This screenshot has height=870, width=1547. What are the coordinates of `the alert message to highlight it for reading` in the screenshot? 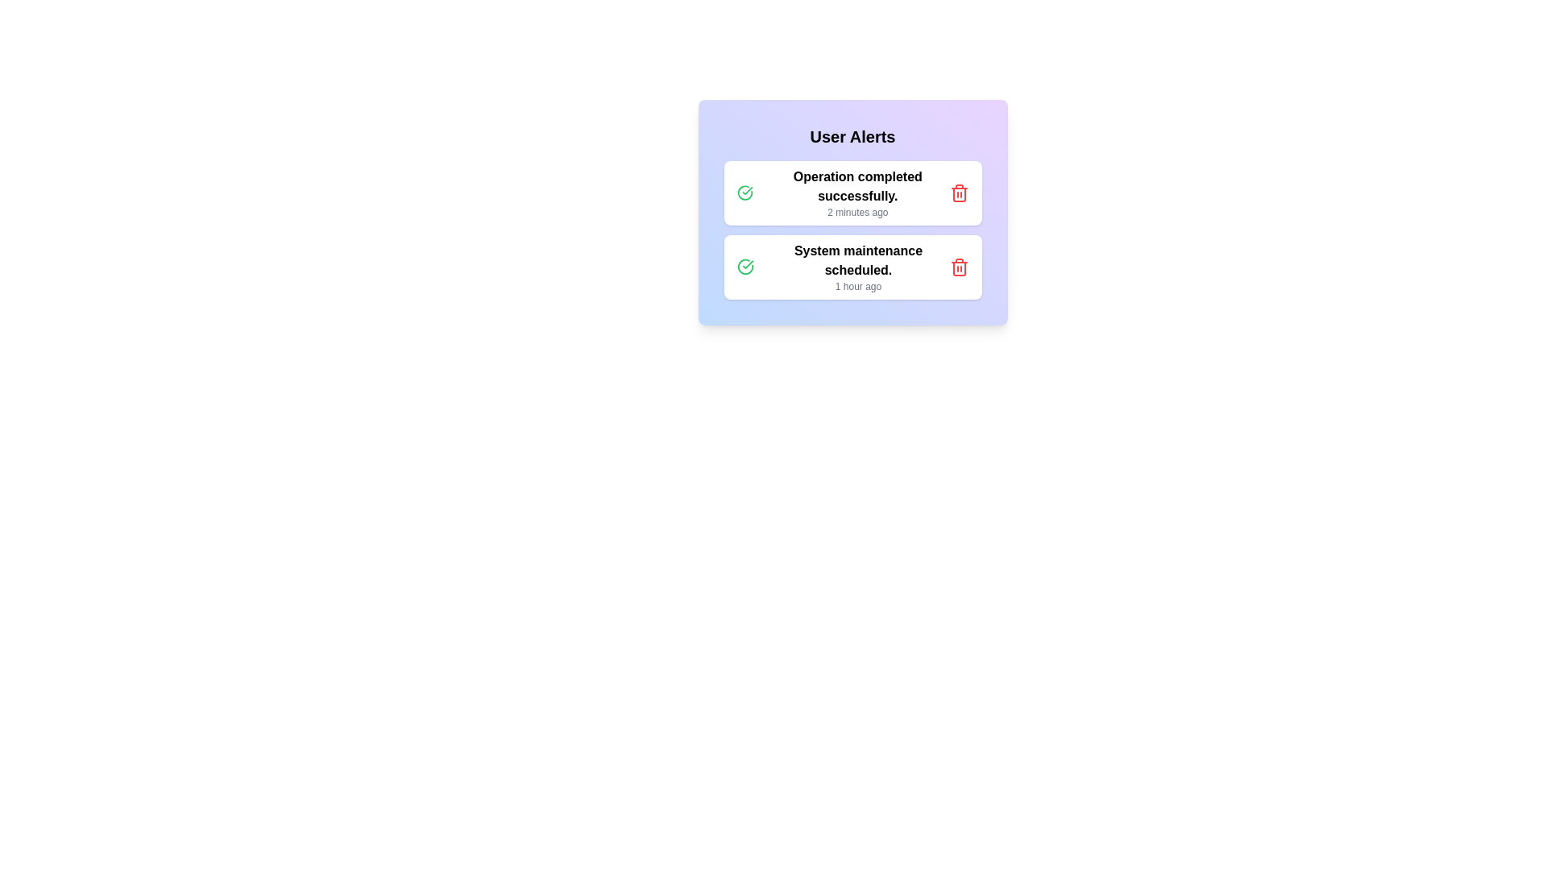 It's located at (852, 192).